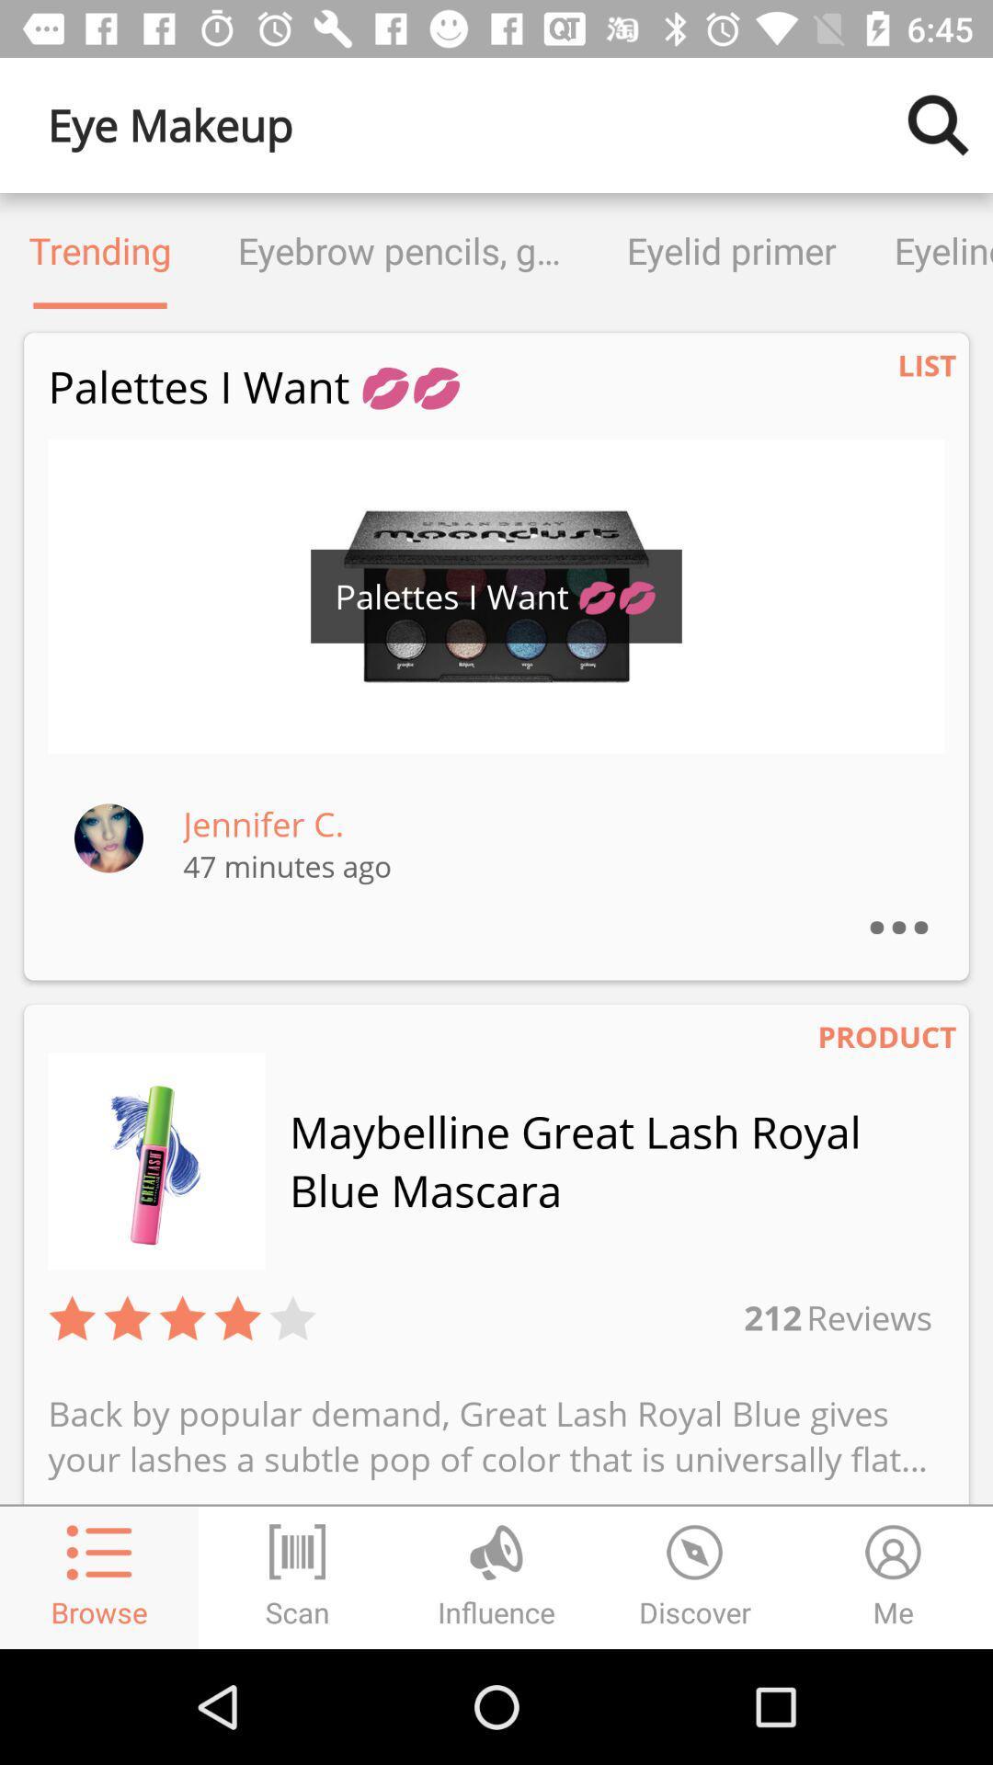 This screenshot has height=1765, width=993. I want to click on the time icon, so click(695, 1577).